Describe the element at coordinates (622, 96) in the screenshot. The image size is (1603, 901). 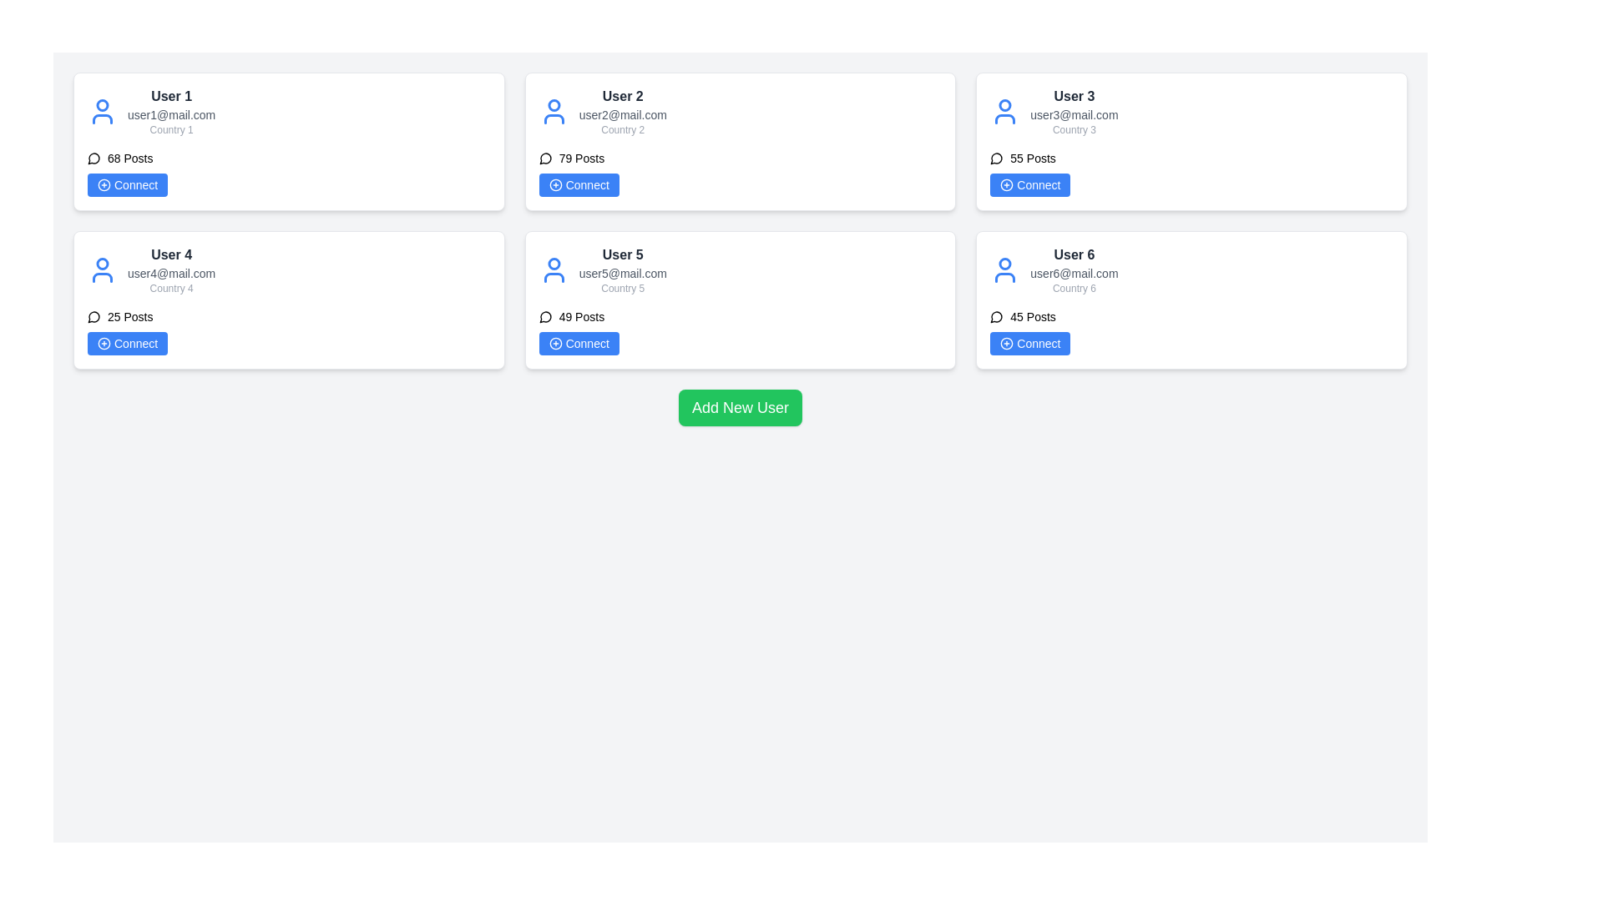
I see `the 'User 2' text label, which is displayed in bold dark gray` at that location.